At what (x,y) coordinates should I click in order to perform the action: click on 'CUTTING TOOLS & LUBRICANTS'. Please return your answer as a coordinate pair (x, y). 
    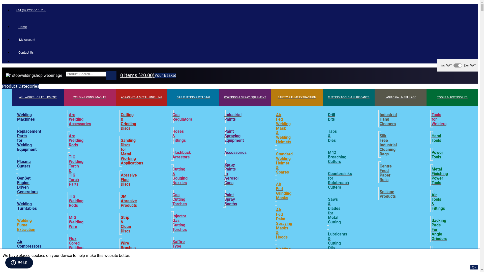
    Looking at the image, I should click on (348, 97).